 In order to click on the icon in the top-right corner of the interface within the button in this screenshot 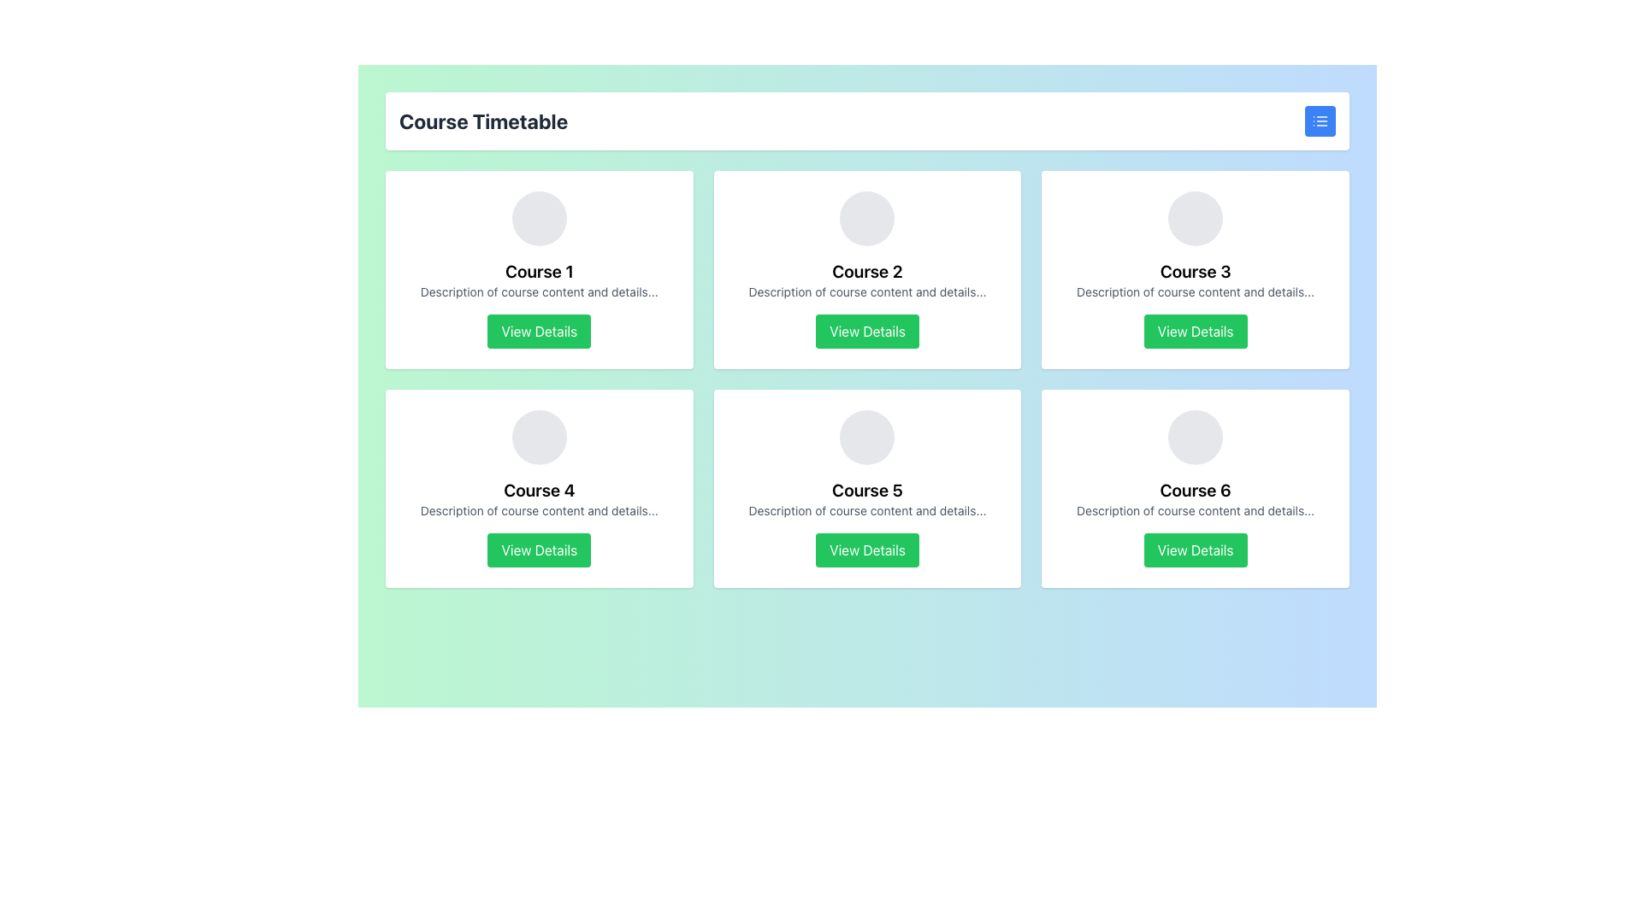, I will do `click(1320, 121)`.